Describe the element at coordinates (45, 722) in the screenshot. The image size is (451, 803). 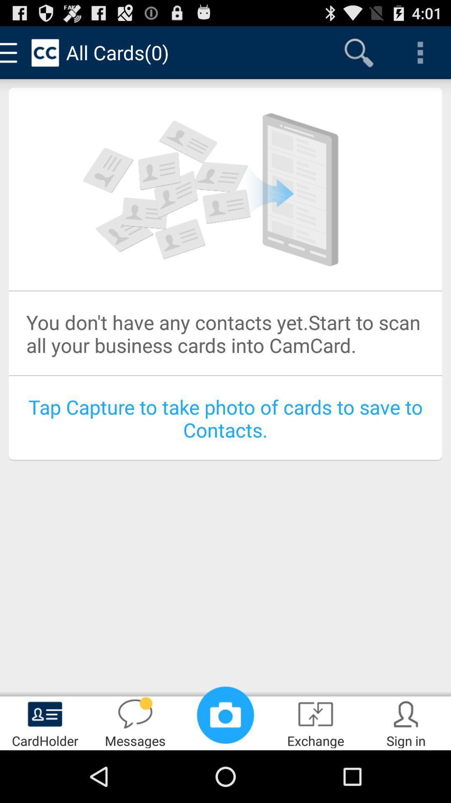
I see `item next to messages item` at that location.